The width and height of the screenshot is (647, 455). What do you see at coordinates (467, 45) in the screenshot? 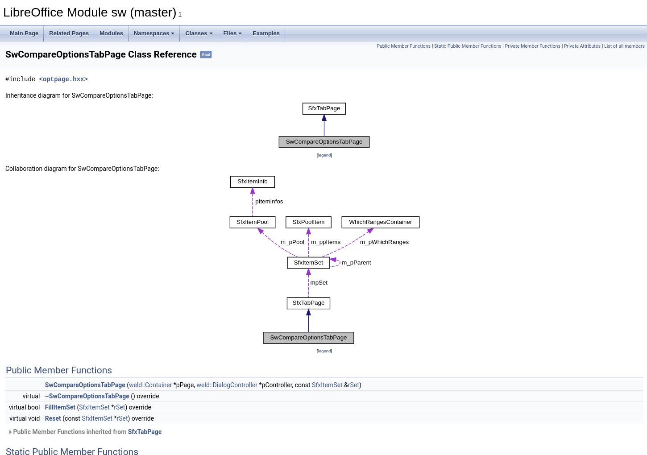
I see `'Static Public Member Functions'` at bounding box center [467, 45].